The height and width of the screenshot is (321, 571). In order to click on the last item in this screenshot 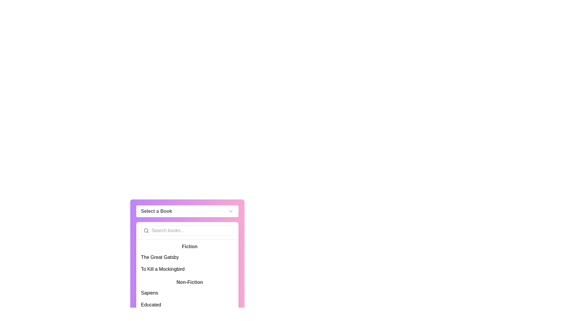, I will do `click(151, 305)`.